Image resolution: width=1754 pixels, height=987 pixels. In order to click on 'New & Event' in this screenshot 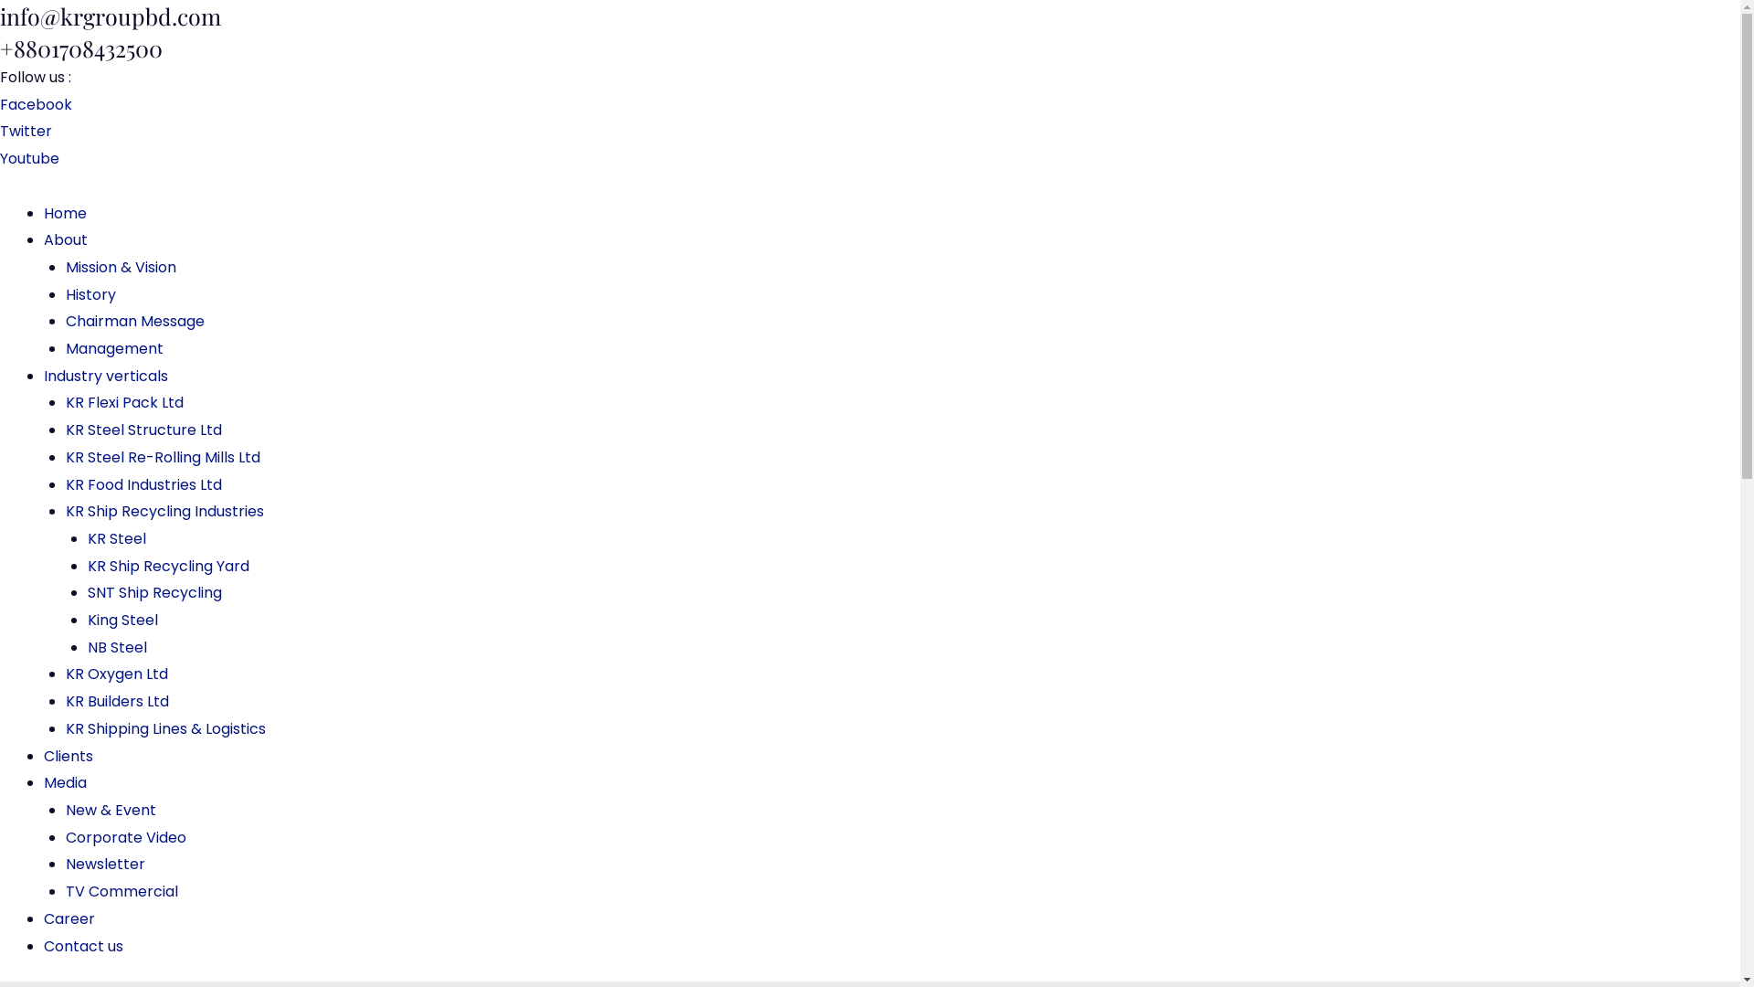, I will do `click(66, 809)`.